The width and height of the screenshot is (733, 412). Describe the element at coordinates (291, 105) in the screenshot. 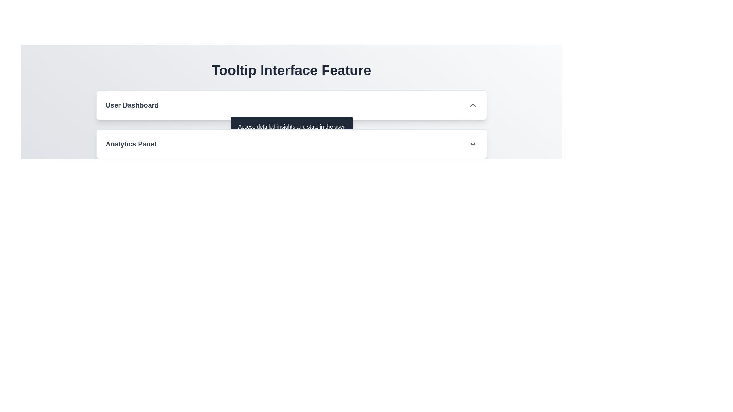

I see `the first card in the grid layout that provides access to the 'User Dashboard'` at that location.